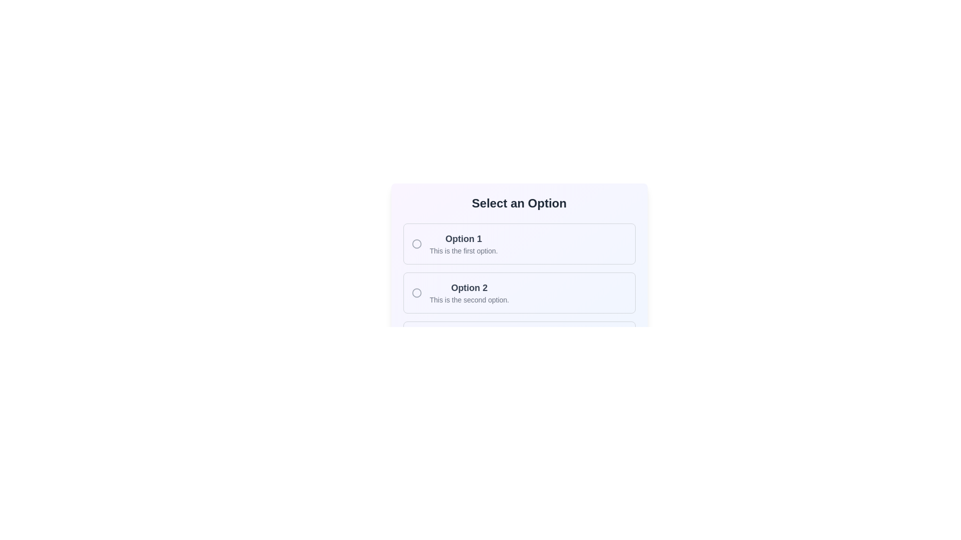 This screenshot has height=540, width=961. What do you see at coordinates (468, 287) in the screenshot?
I see `the non-interactive text label that serves as the title for the second option in the list of selectable options` at bounding box center [468, 287].